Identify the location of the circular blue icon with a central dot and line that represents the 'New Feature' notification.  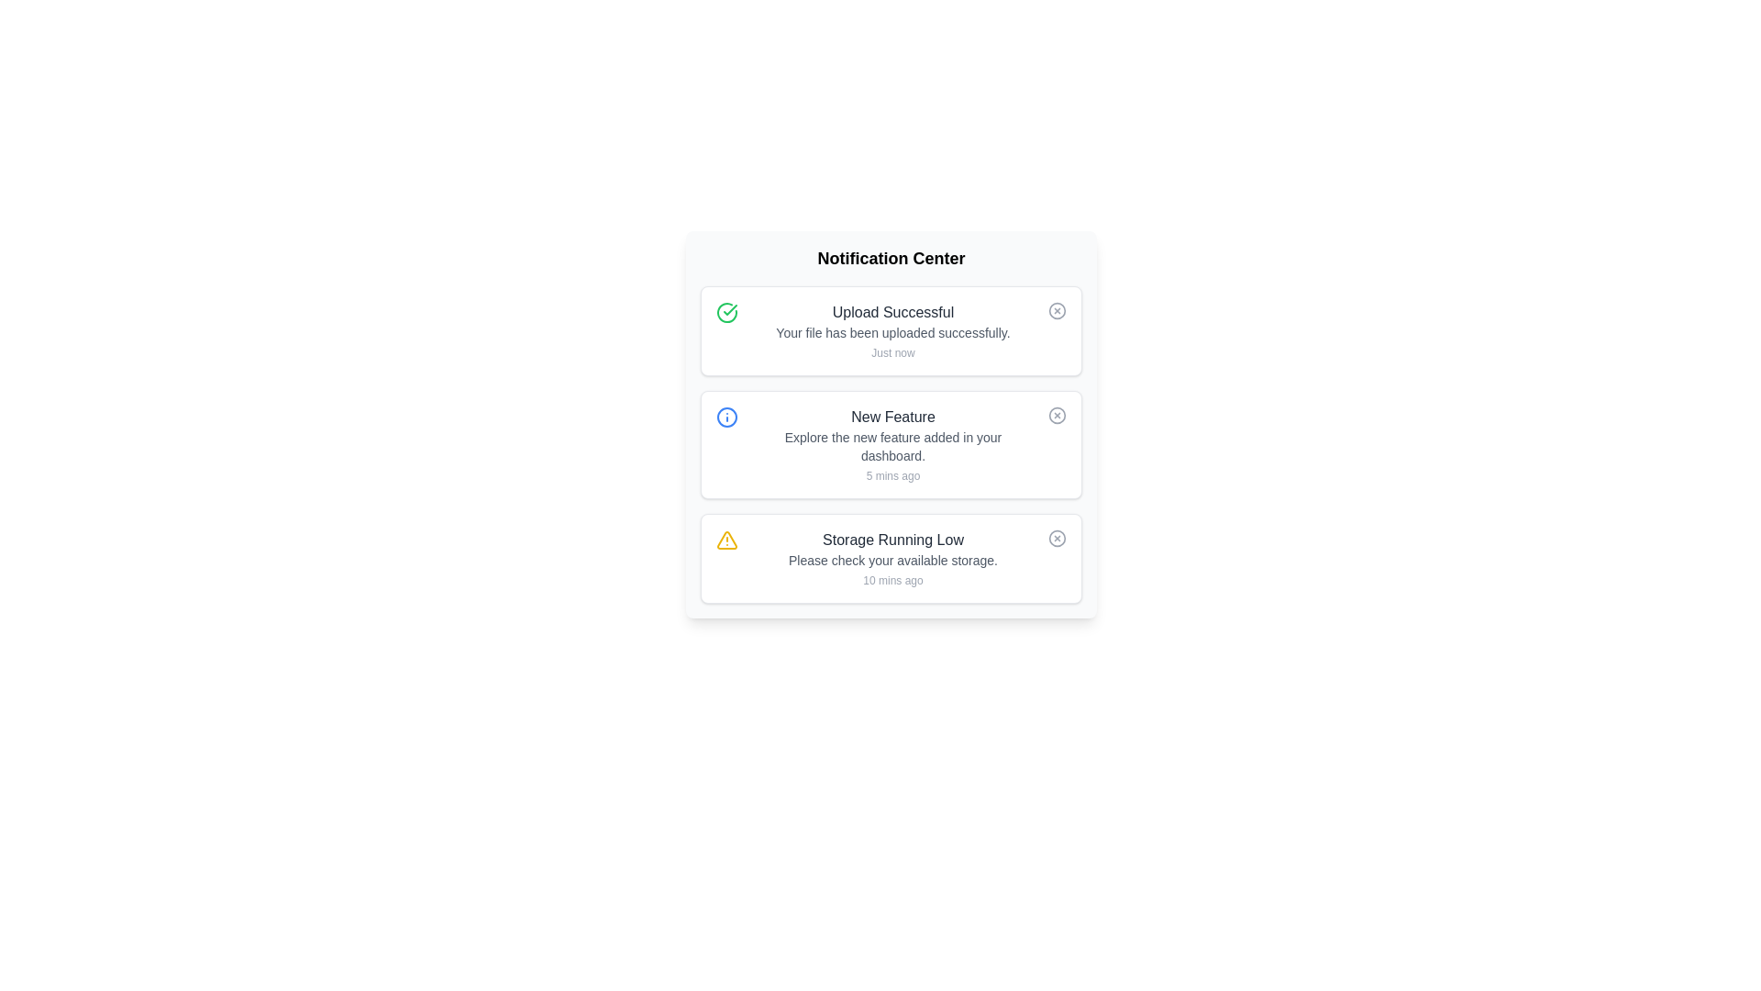
(725, 418).